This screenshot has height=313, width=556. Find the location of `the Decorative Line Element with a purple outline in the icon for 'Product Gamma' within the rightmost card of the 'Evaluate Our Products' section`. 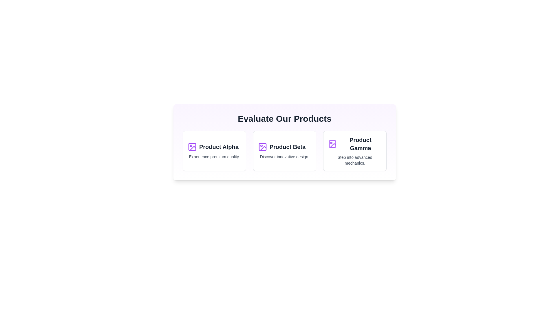

the Decorative Line Element with a purple outline in the icon for 'Product Gamma' within the rightmost card of the 'Evaluate Our Products' section is located at coordinates (333, 145).